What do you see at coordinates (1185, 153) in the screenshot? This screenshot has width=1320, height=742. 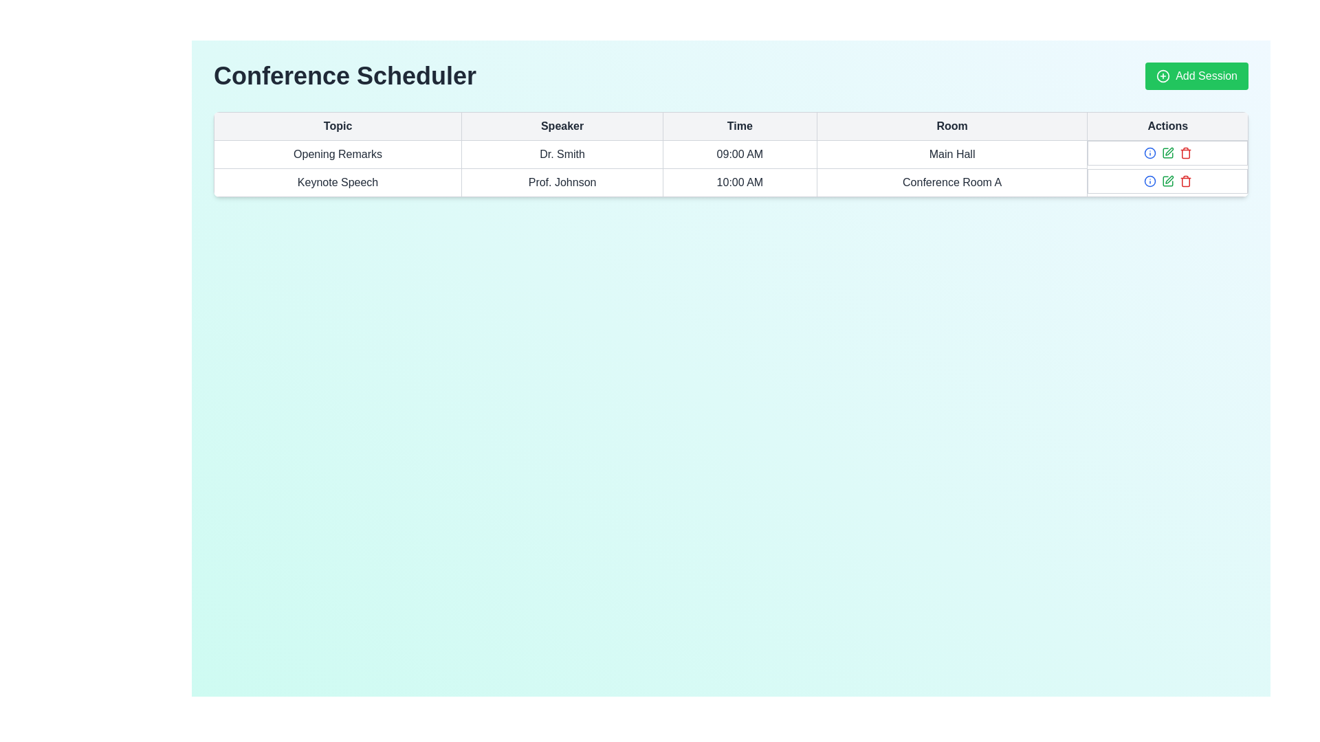 I see `the delete button located in the 'Actions' column of the first row in the table` at bounding box center [1185, 153].